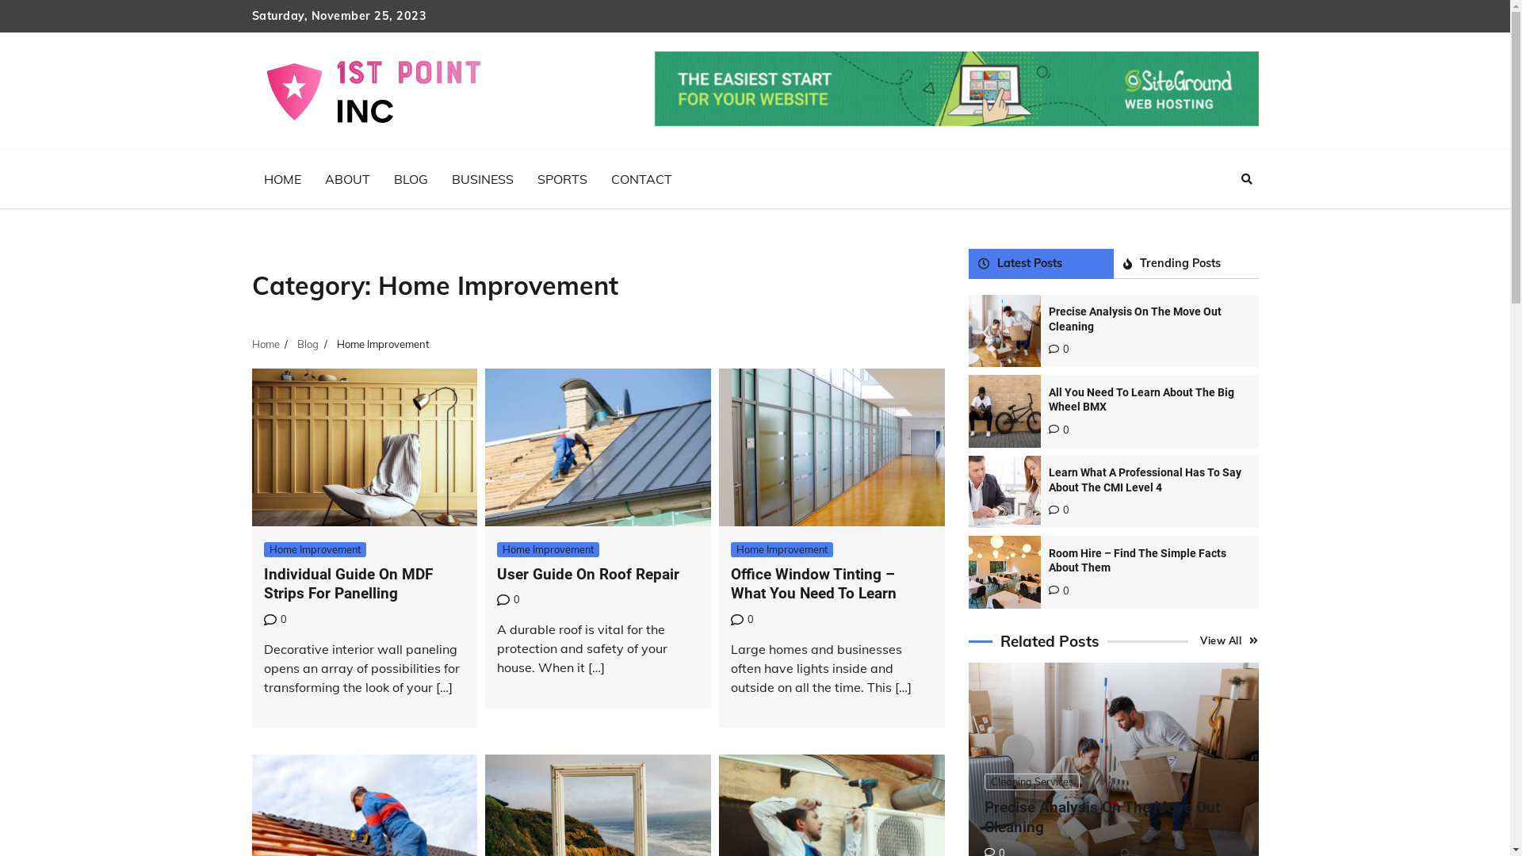 The width and height of the screenshot is (1522, 856). Describe the element at coordinates (481, 178) in the screenshot. I see `'BUSINESS'` at that location.